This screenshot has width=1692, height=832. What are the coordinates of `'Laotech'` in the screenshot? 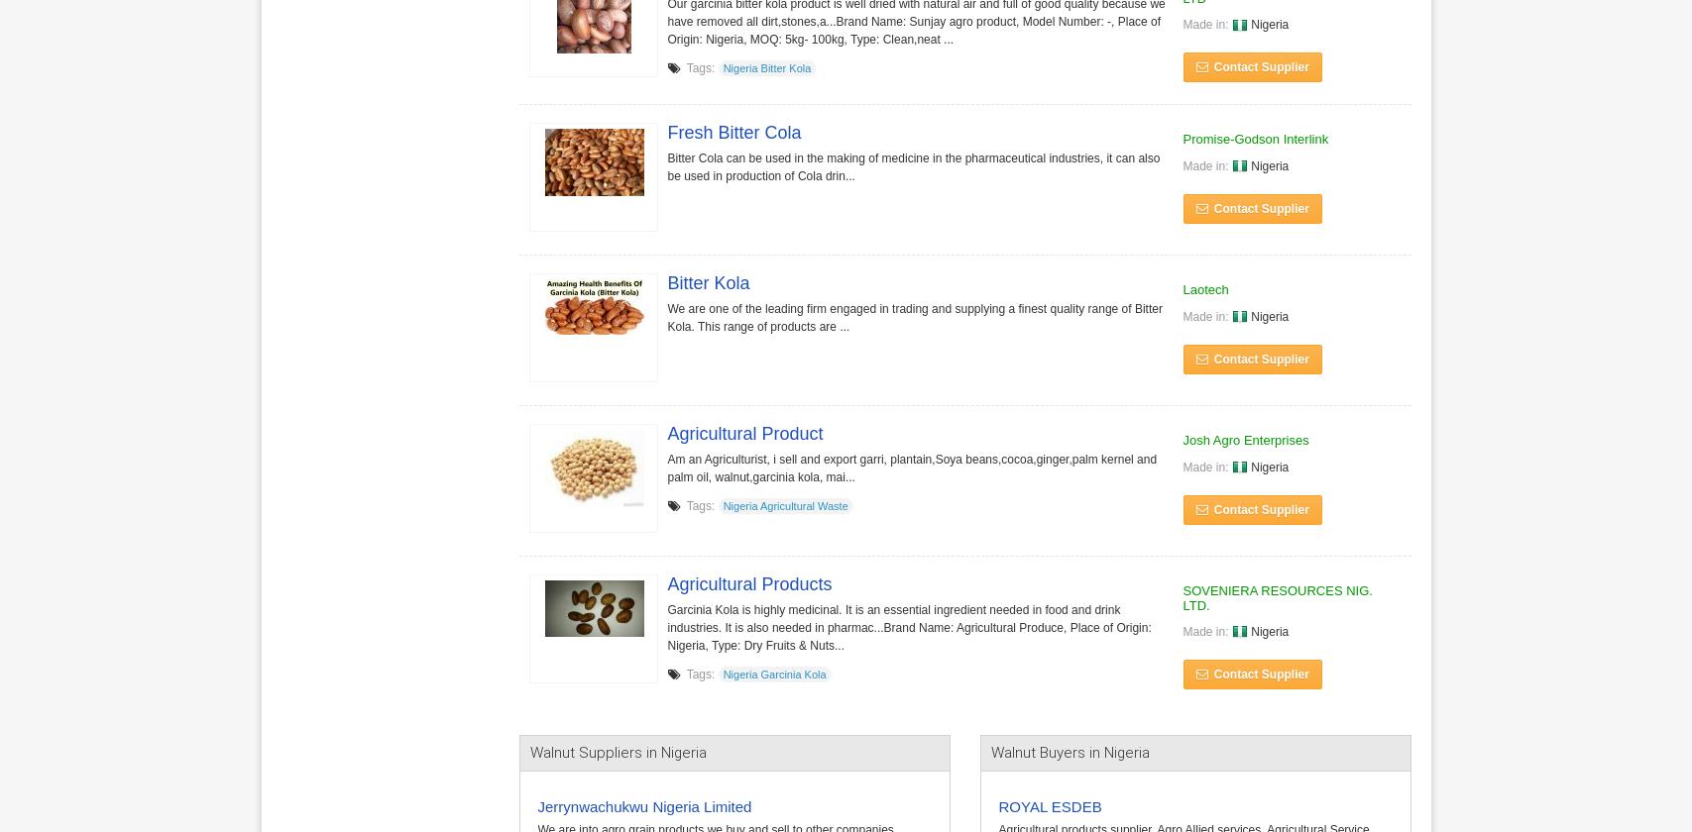 It's located at (1204, 289).